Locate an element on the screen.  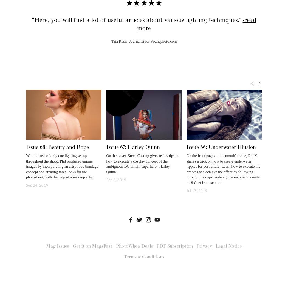
'Issue 67: Harley Quinn' is located at coordinates (133, 147).